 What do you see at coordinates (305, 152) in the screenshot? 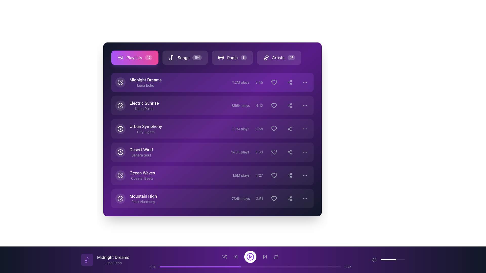
I see `the options menu trigger button, represented by three horizontally aligned dots, located on the right-hand side of the 'Desert Wind' track's entry in the playlist` at bounding box center [305, 152].